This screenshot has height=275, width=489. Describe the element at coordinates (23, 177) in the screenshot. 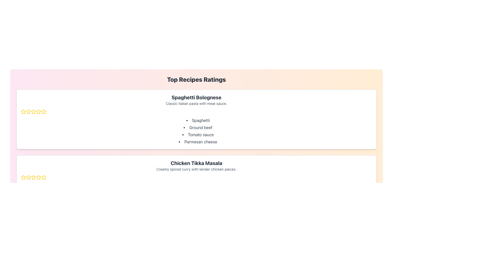

I see `the first star icon outlined in yellow with a white fill, which represents the rating for the 'Chicken Tikka Masala' recipe` at that location.